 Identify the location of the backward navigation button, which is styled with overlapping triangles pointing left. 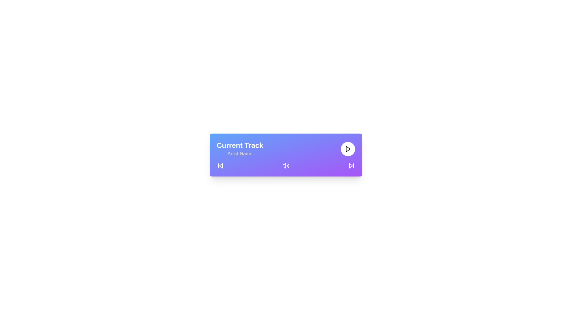
(220, 165).